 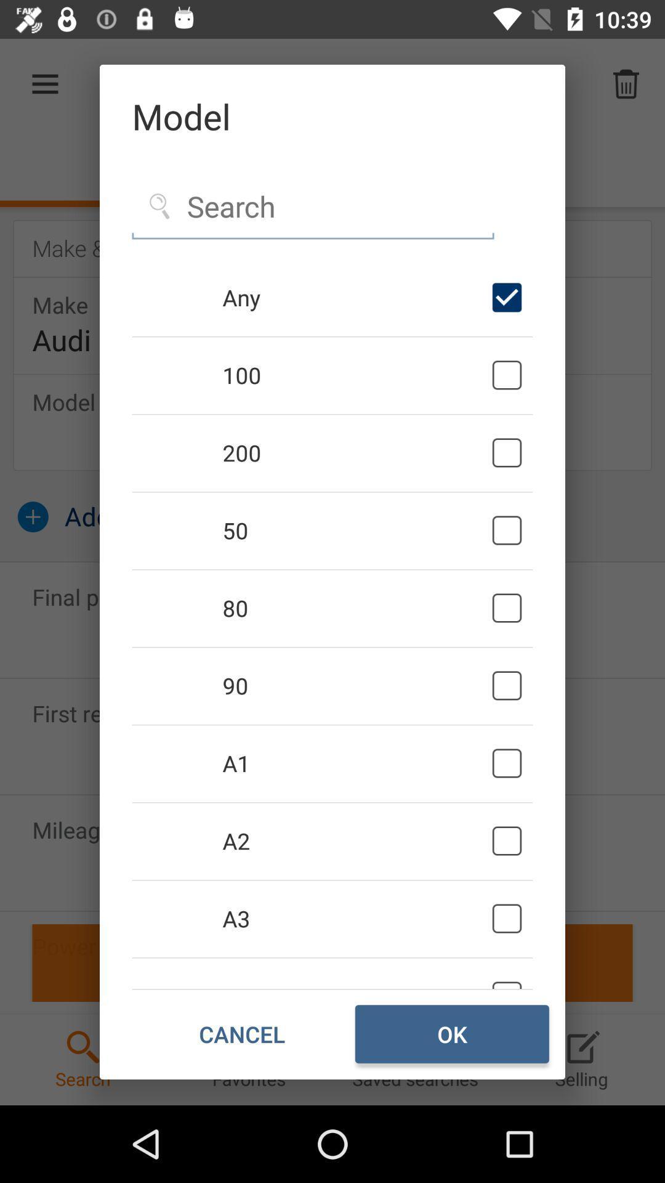 I want to click on icon below the 80 icon, so click(x=355, y=685).